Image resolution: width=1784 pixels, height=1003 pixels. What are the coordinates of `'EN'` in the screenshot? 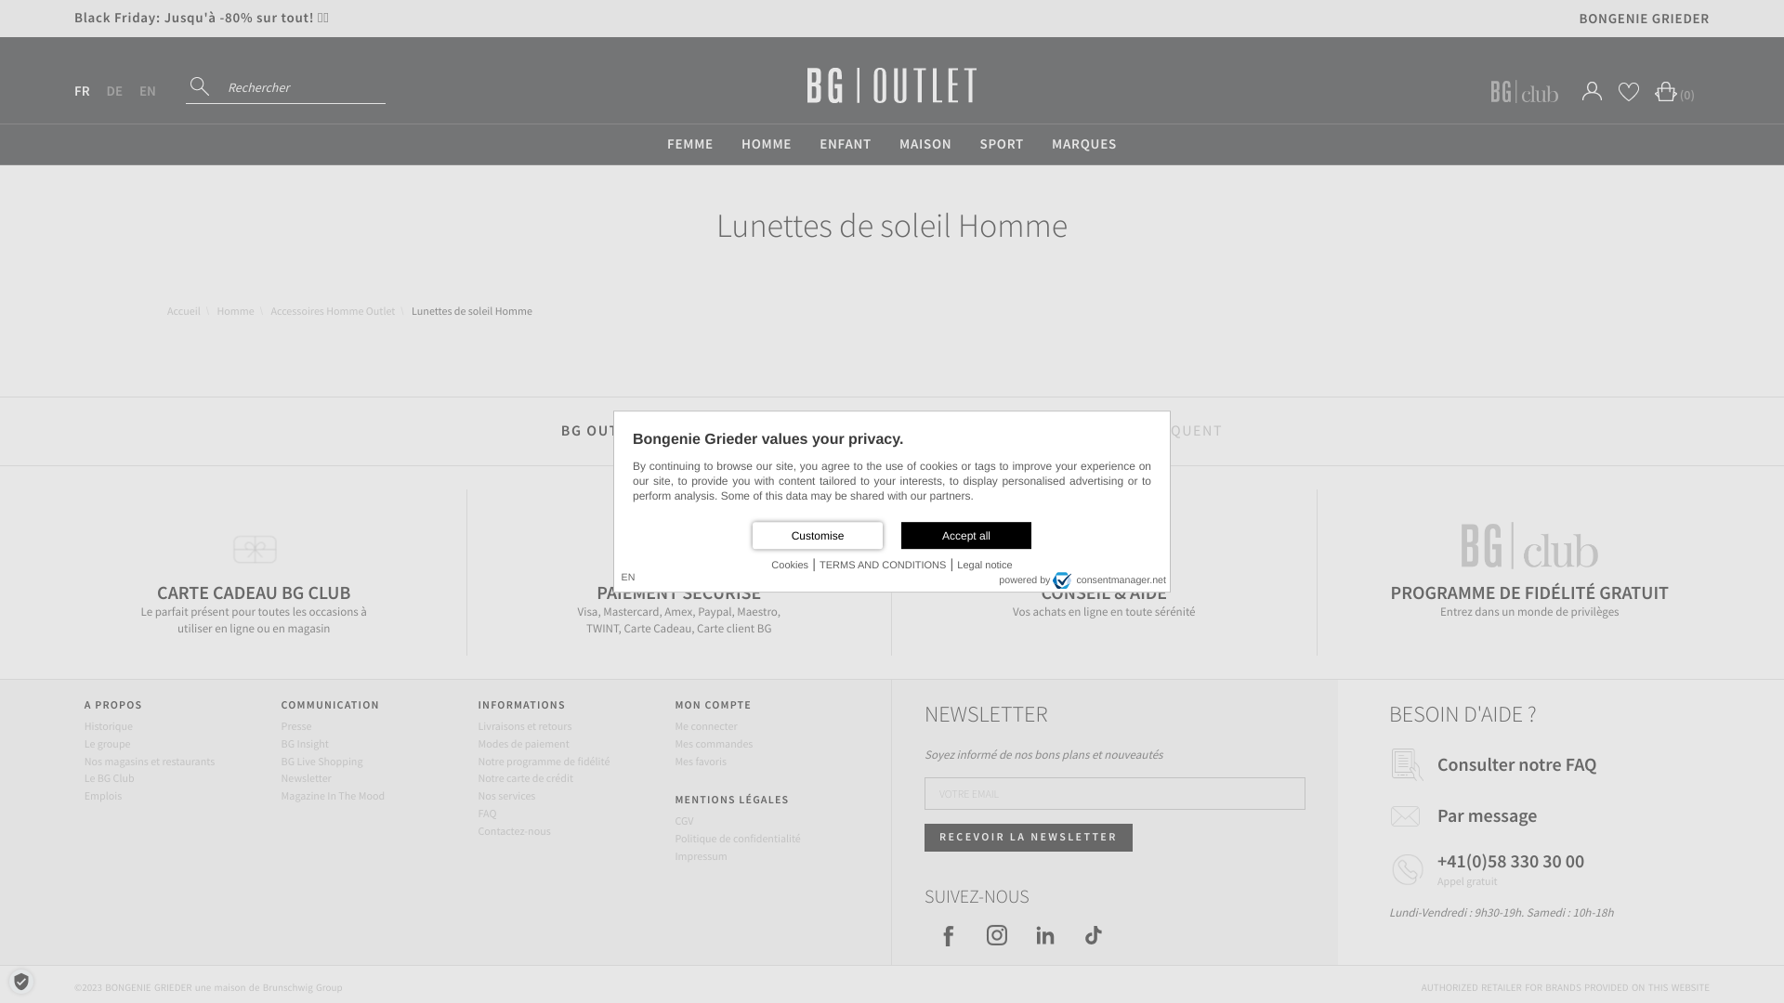 It's located at (146, 91).